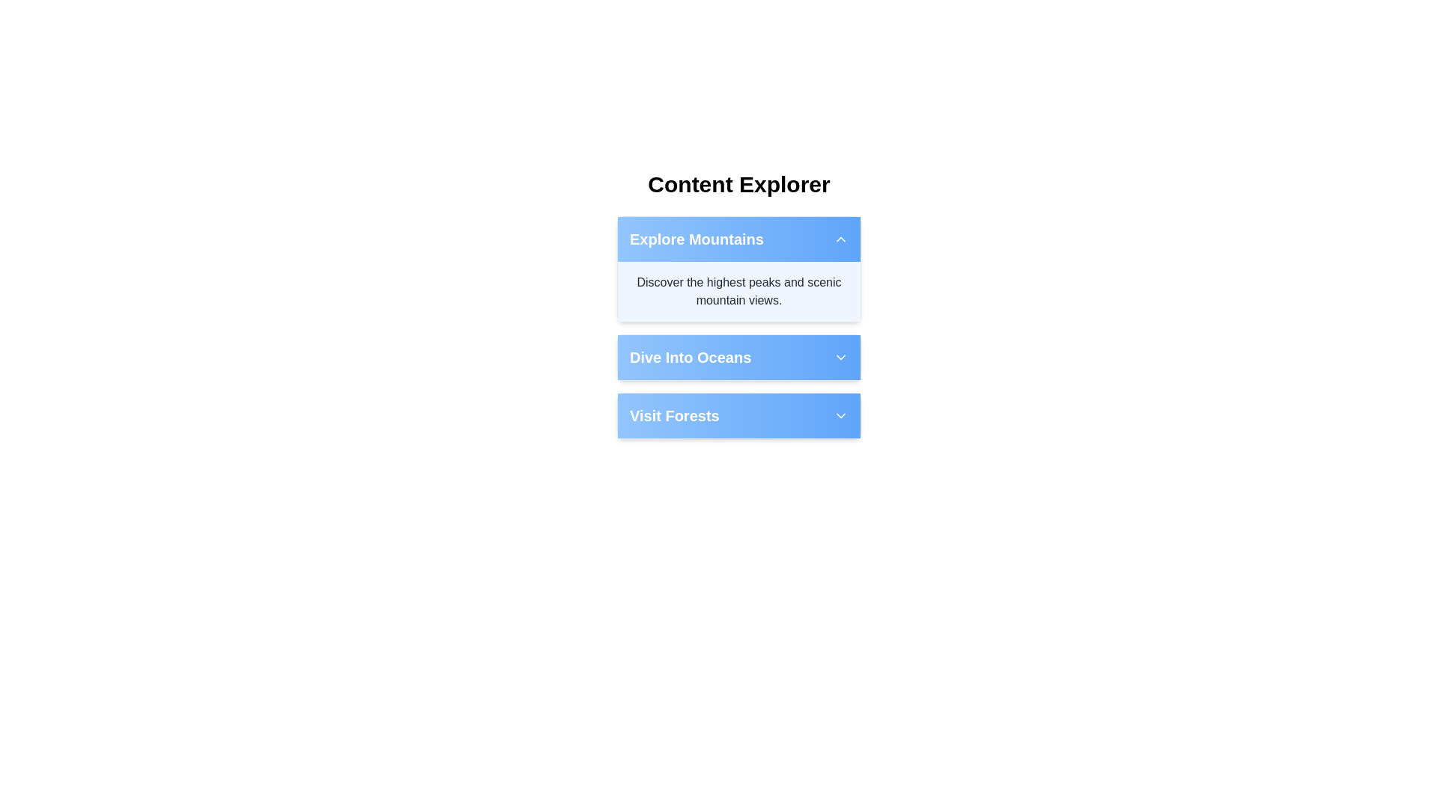 The image size is (1438, 808). What do you see at coordinates (739, 291) in the screenshot?
I see `the text block displaying 'Discover the highest peaks and scenic mountain views.' which is centrally located within the blue section under the 'Explore Mountains' heading` at bounding box center [739, 291].